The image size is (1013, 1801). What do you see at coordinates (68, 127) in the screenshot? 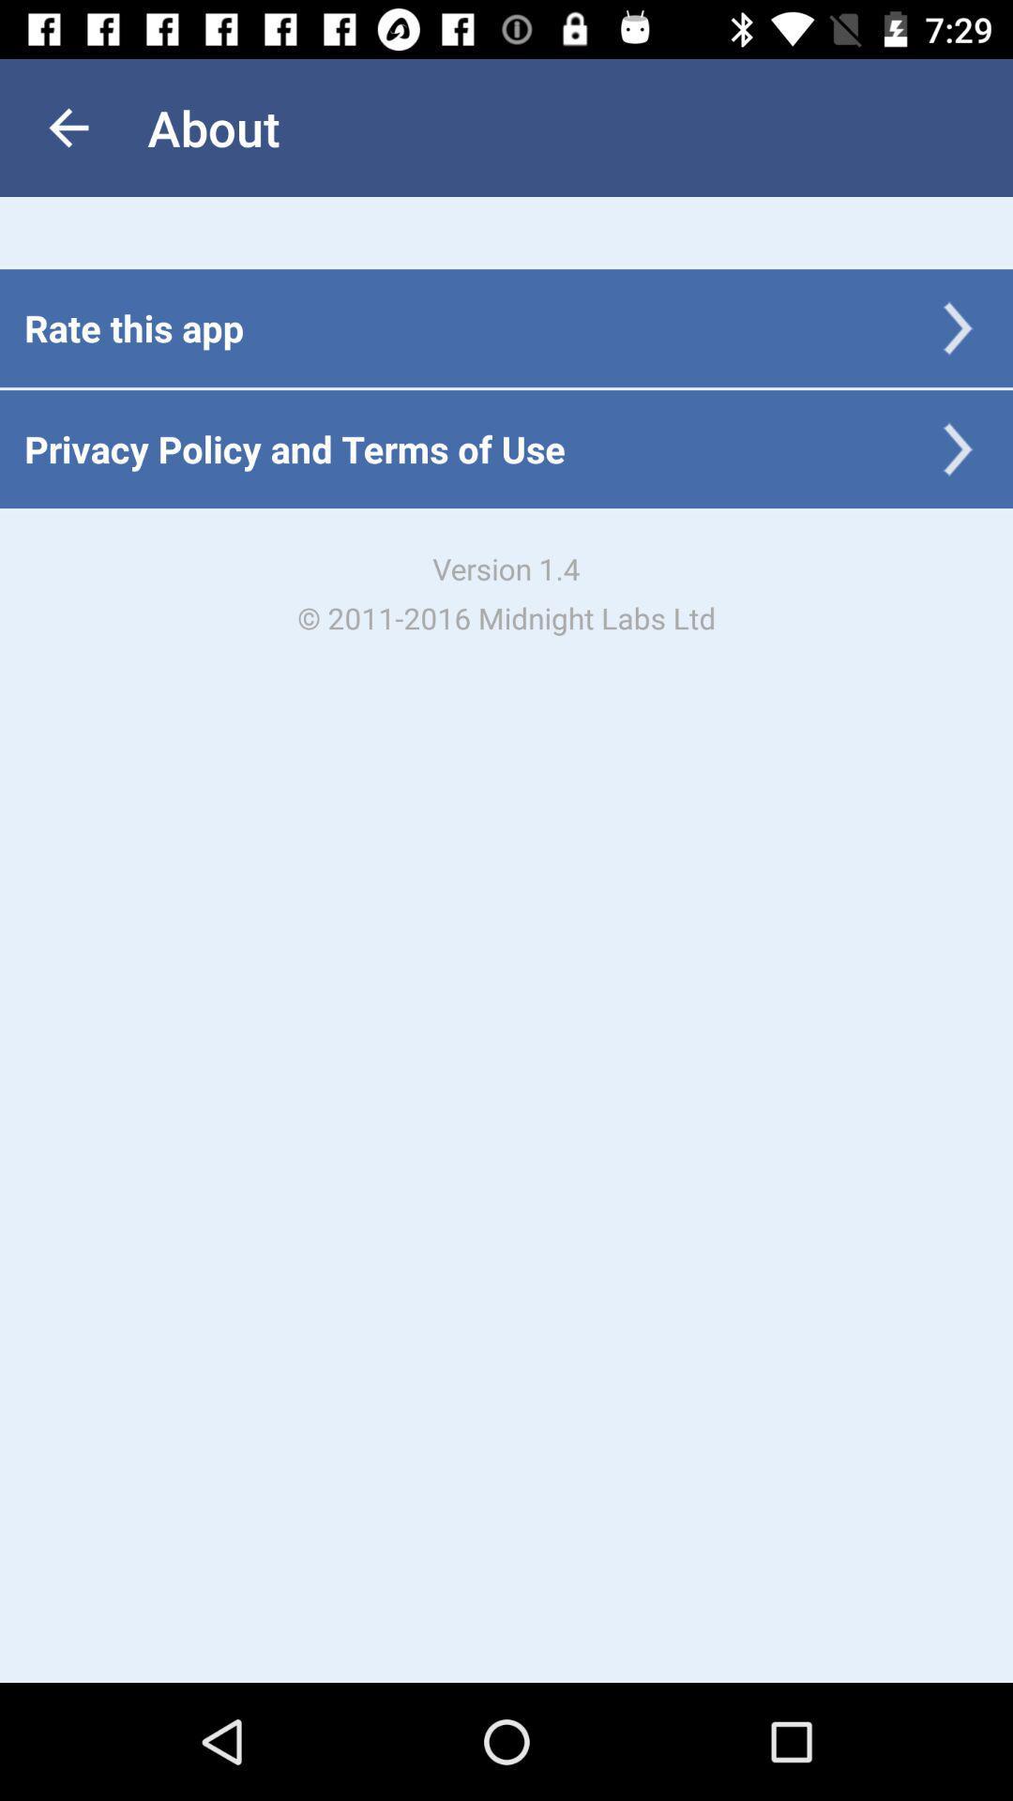
I see `app next to the about` at bounding box center [68, 127].